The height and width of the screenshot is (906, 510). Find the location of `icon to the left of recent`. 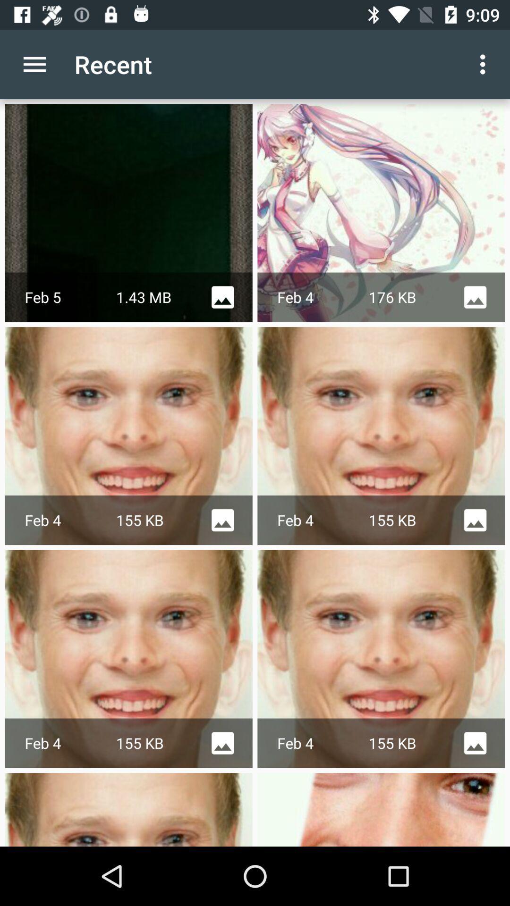

icon to the left of recent is located at coordinates (34, 64).